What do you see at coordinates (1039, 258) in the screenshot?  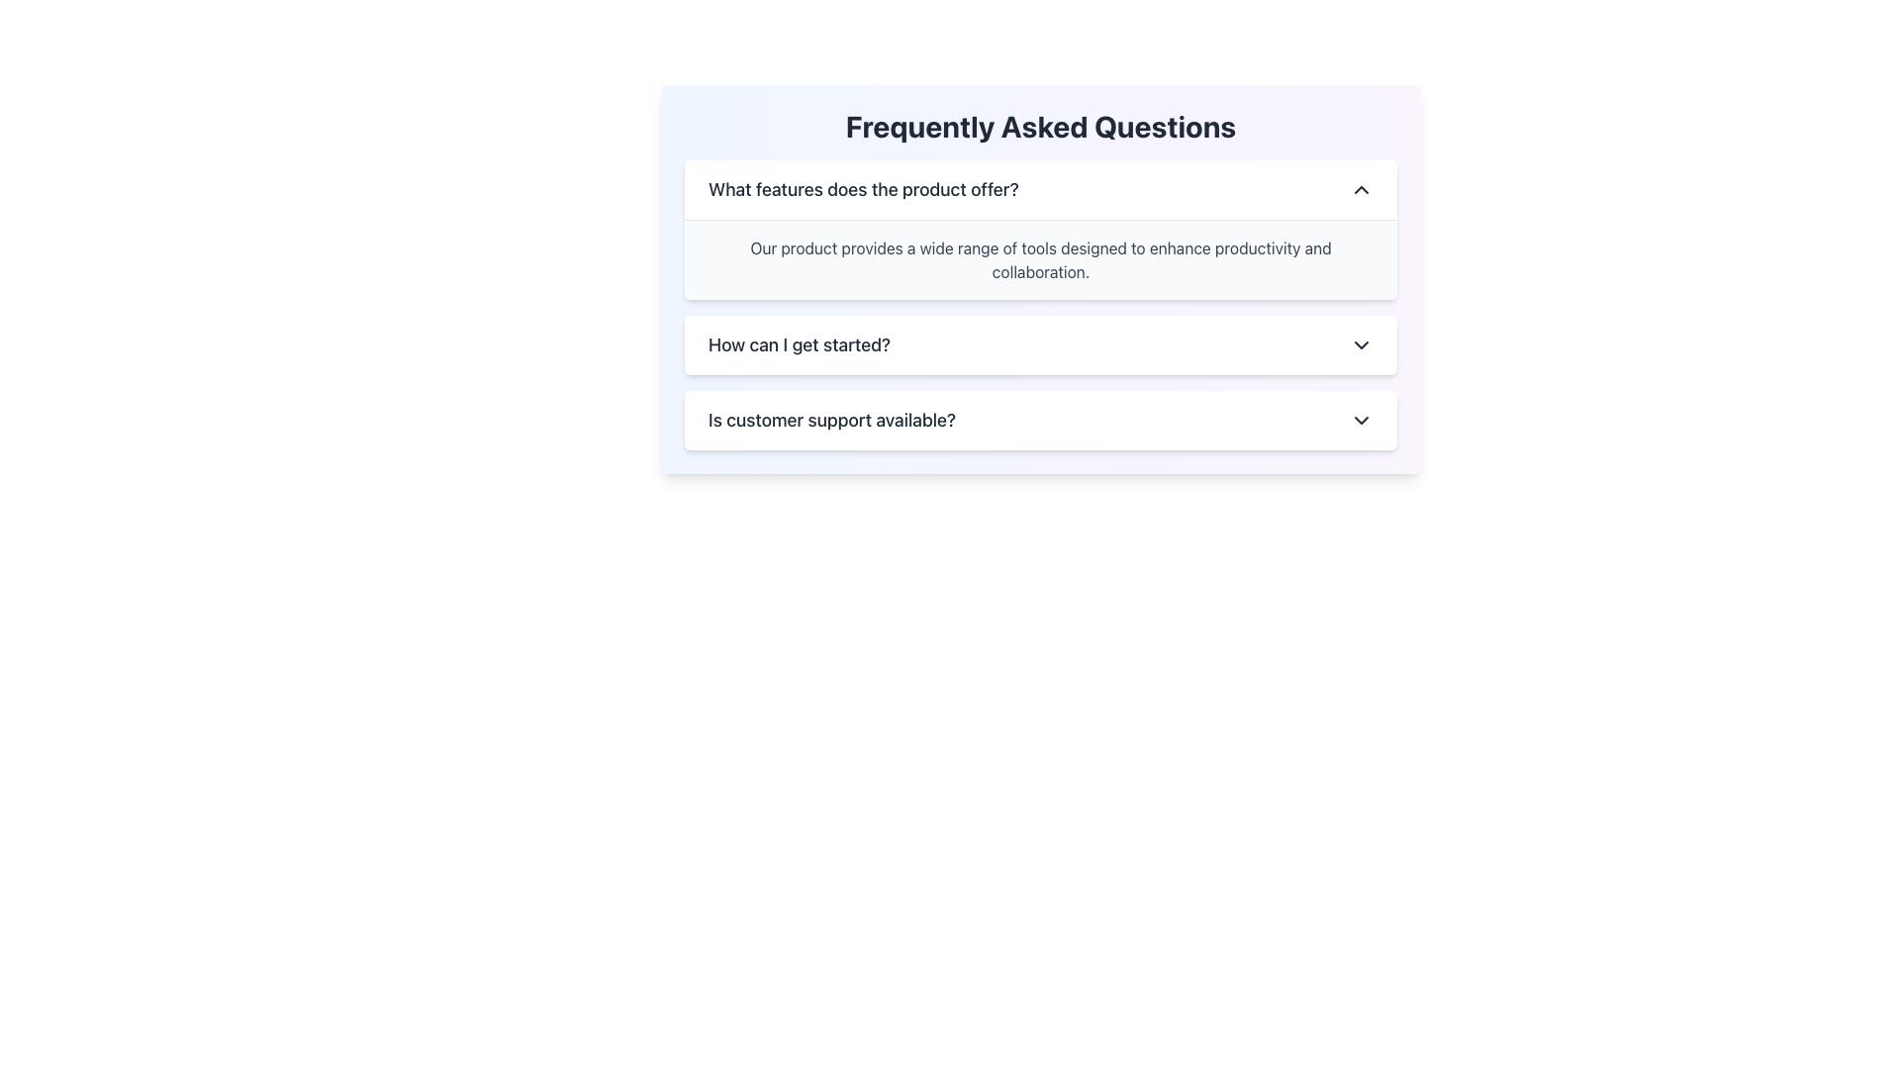 I see `the static text block that provides a detailed answer to the question 'What features does the product offer?' located beneath the 'Frequently Asked Questions' heading` at bounding box center [1039, 258].